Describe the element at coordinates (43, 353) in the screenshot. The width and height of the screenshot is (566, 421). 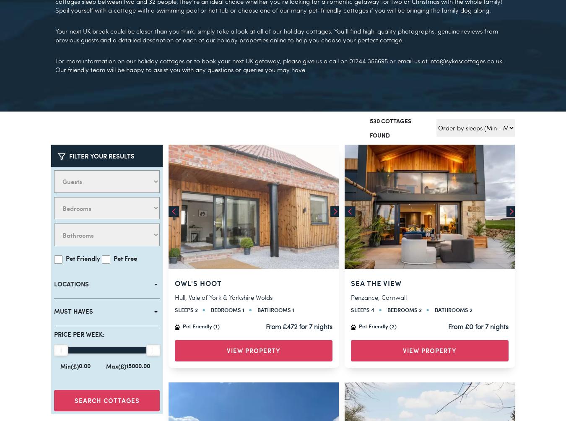
I see `'Unclassified'` at that location.